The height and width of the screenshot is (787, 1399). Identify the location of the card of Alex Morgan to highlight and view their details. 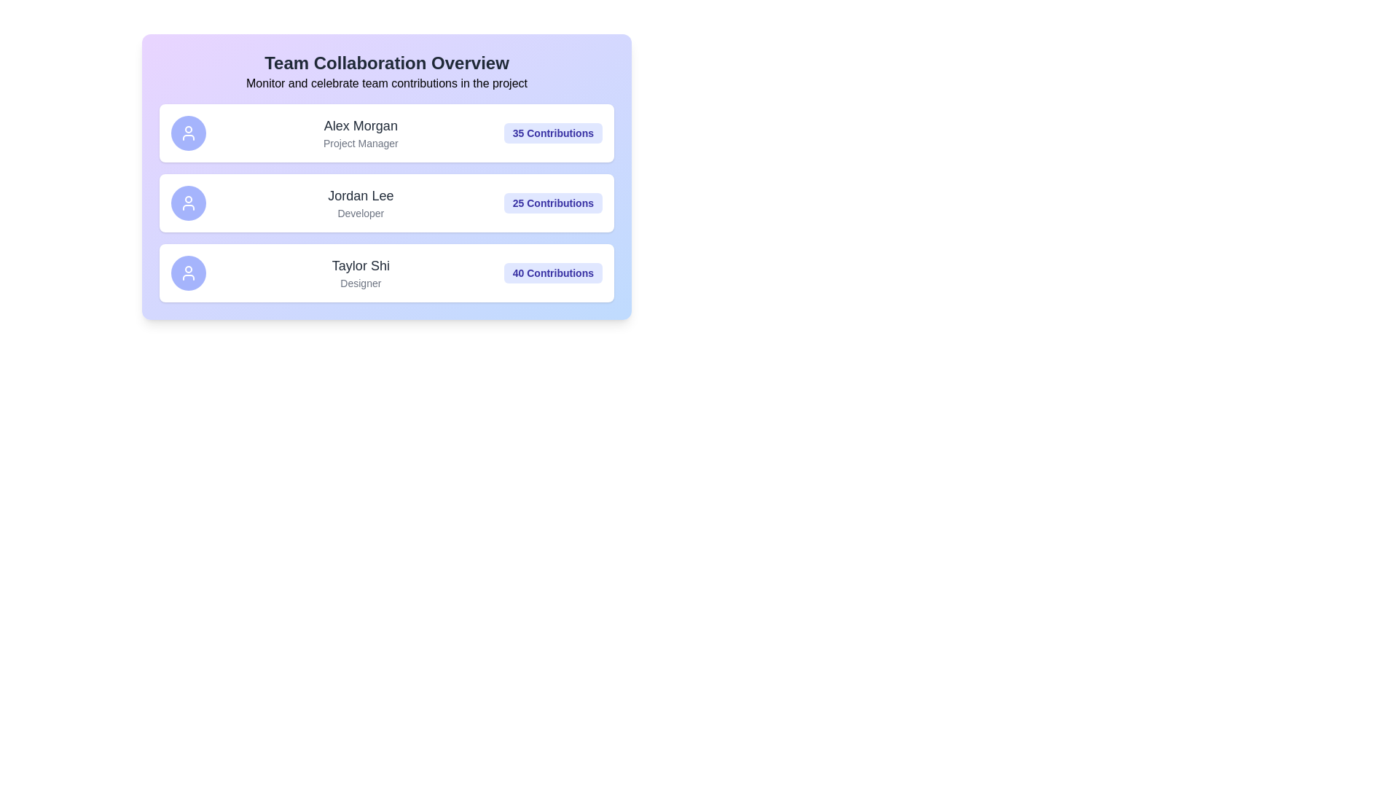
(387, 133).